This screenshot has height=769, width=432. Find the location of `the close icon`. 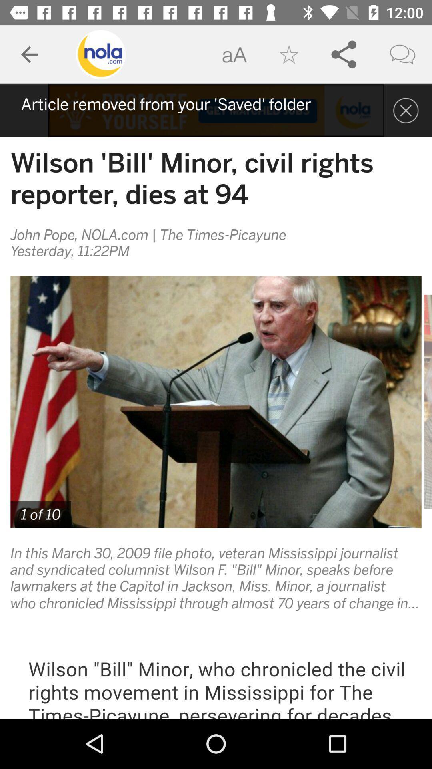

the close icon is located at coordinates (406, 110).